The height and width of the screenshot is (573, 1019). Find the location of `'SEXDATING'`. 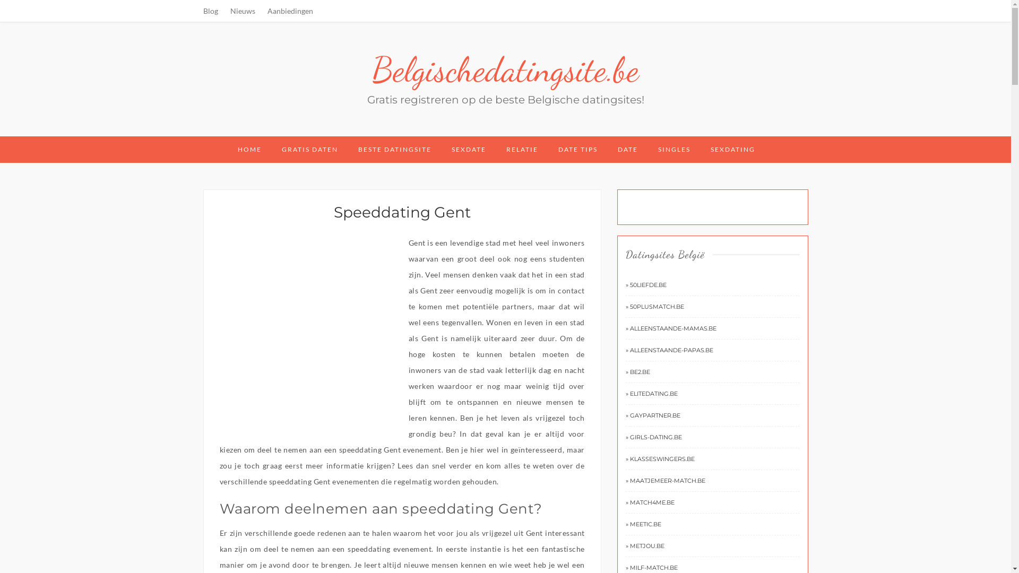

'SEXDATING' is located at coordinates (732, 149).